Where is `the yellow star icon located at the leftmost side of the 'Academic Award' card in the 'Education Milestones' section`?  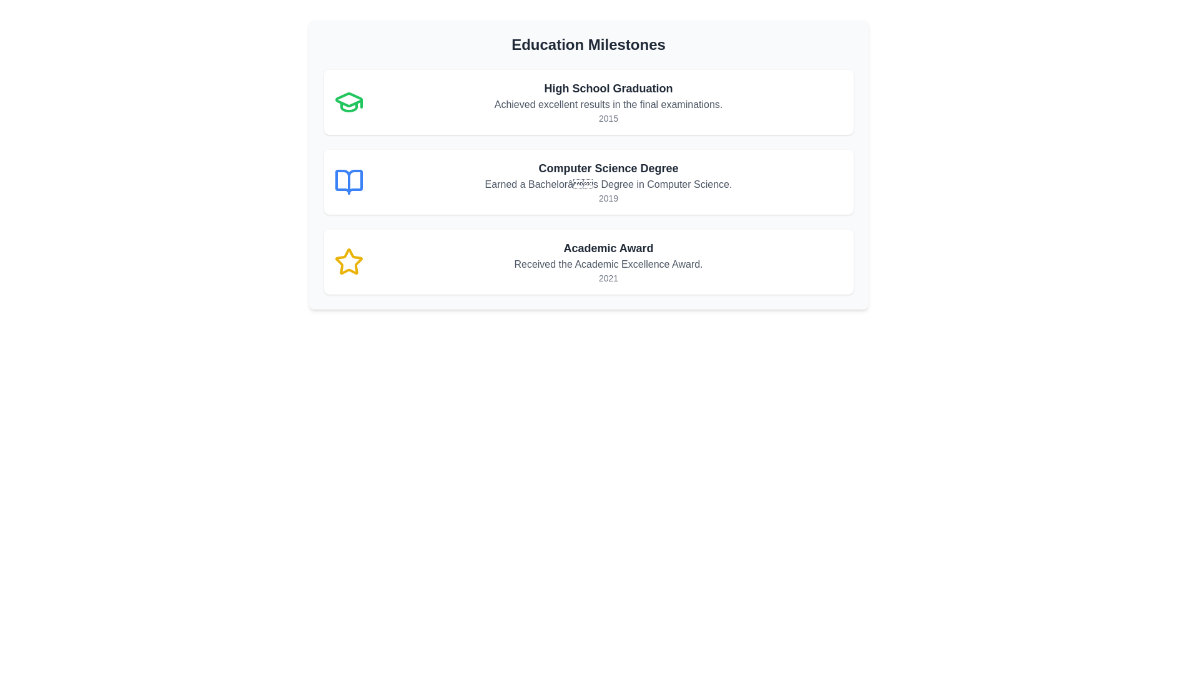 the yellow star icon located at the leftmost side of the 'Academic Award' card in the 'Education Milestones' section is located at coordinates (348, 261).